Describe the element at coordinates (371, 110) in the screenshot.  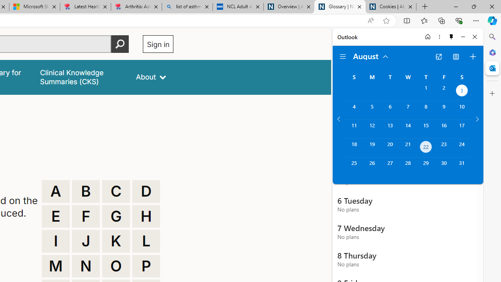
I see `'Monday, August 5, 2024. '` at that location.